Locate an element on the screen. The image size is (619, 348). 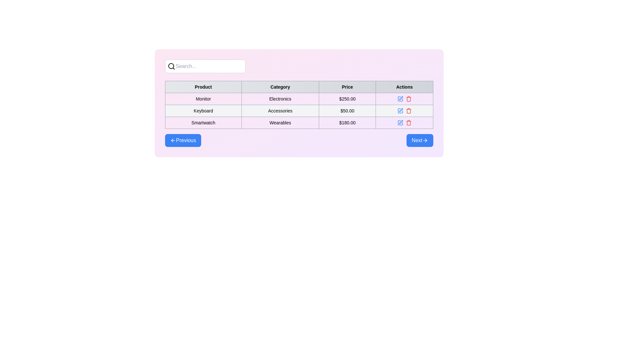
the edit button in the Actions column of the table corresponding to the 'Keyboard' item to begin editing is located at coordinates (400, 110).